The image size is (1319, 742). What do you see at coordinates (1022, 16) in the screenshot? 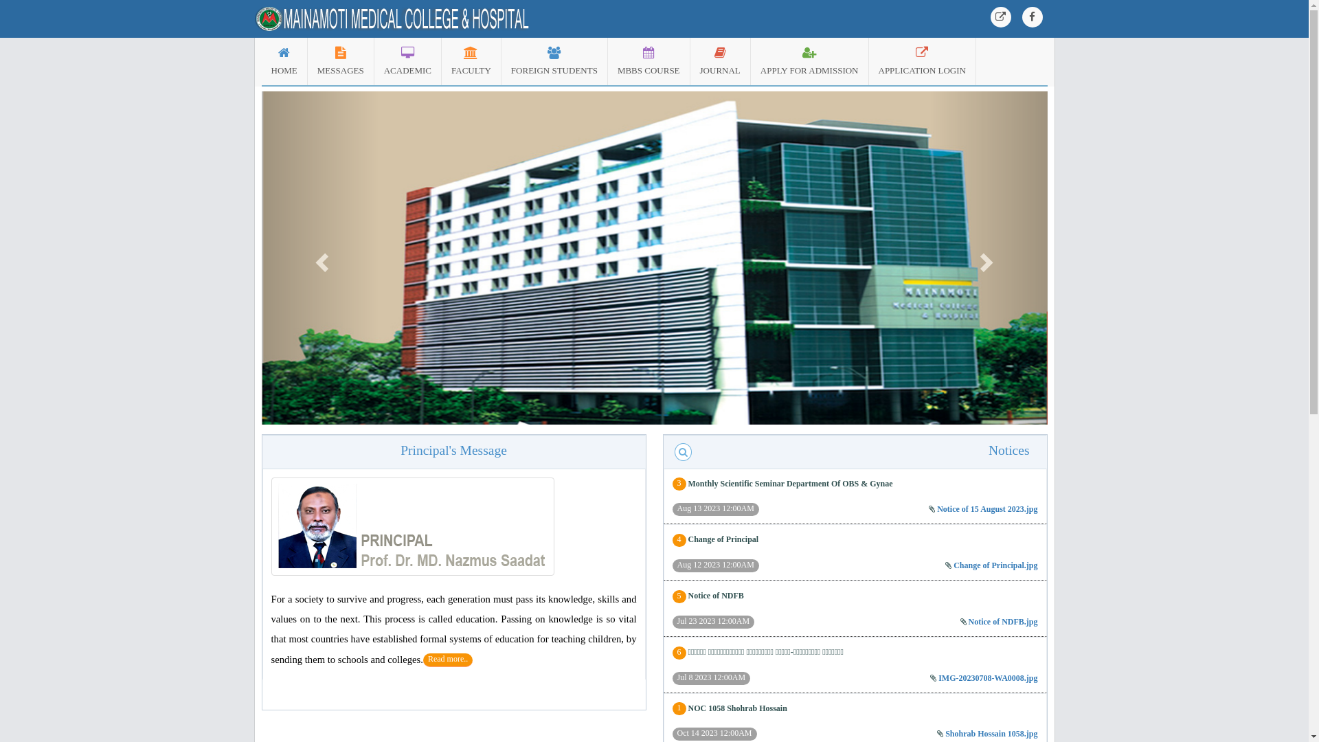
I see `'Facebook'` at bounding box center [1022, 16].